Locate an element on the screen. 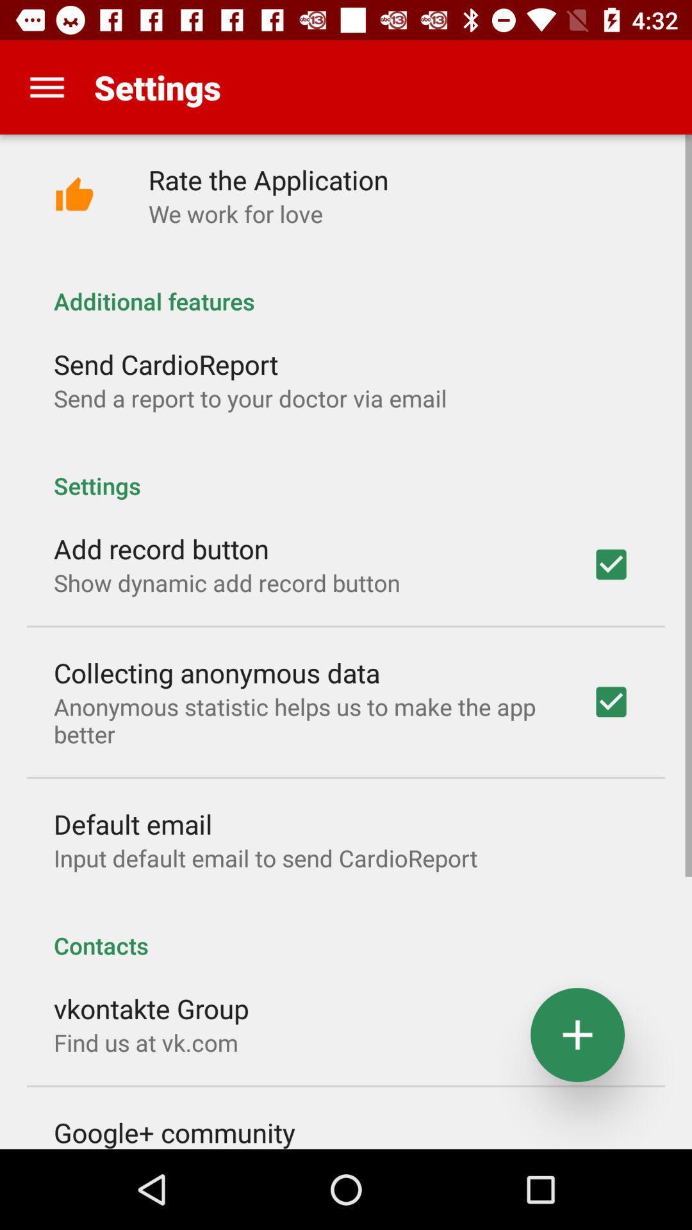 The height and width of the screenshot is (1230, 692). app below the add record button is located at coordinates (226, 582).